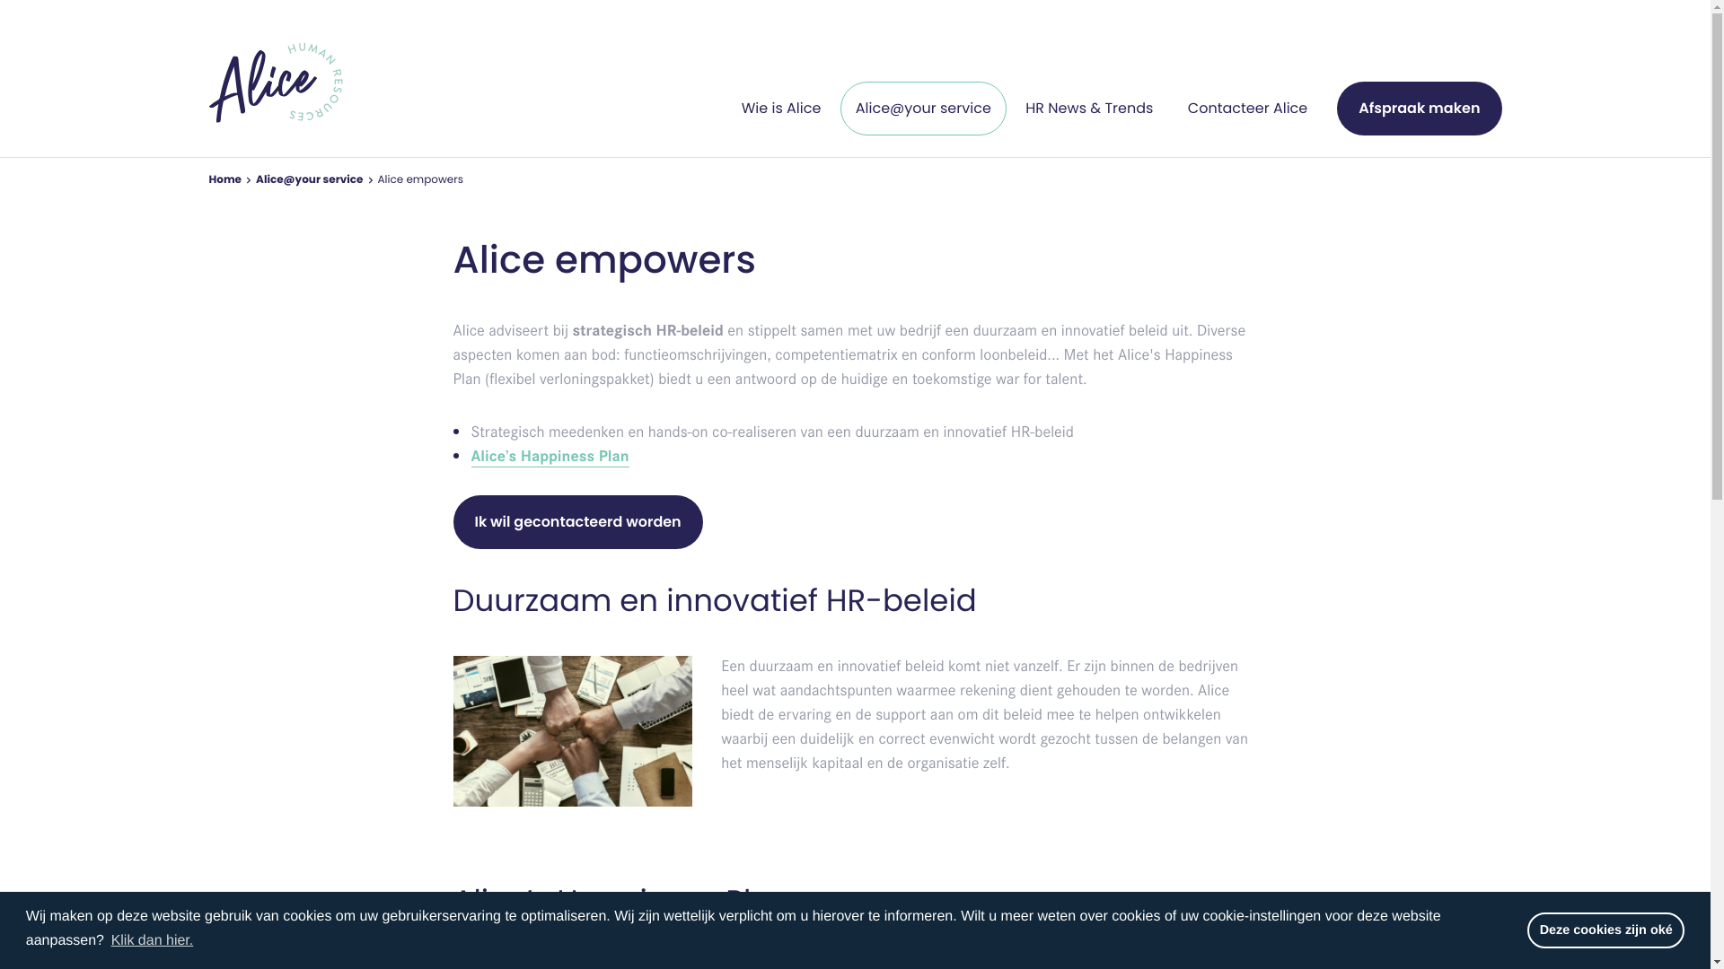 Image resolution: width=1724 pixels, height=969 pixels. I want to click on 'Contacteer Alice', so click(1246, 108).